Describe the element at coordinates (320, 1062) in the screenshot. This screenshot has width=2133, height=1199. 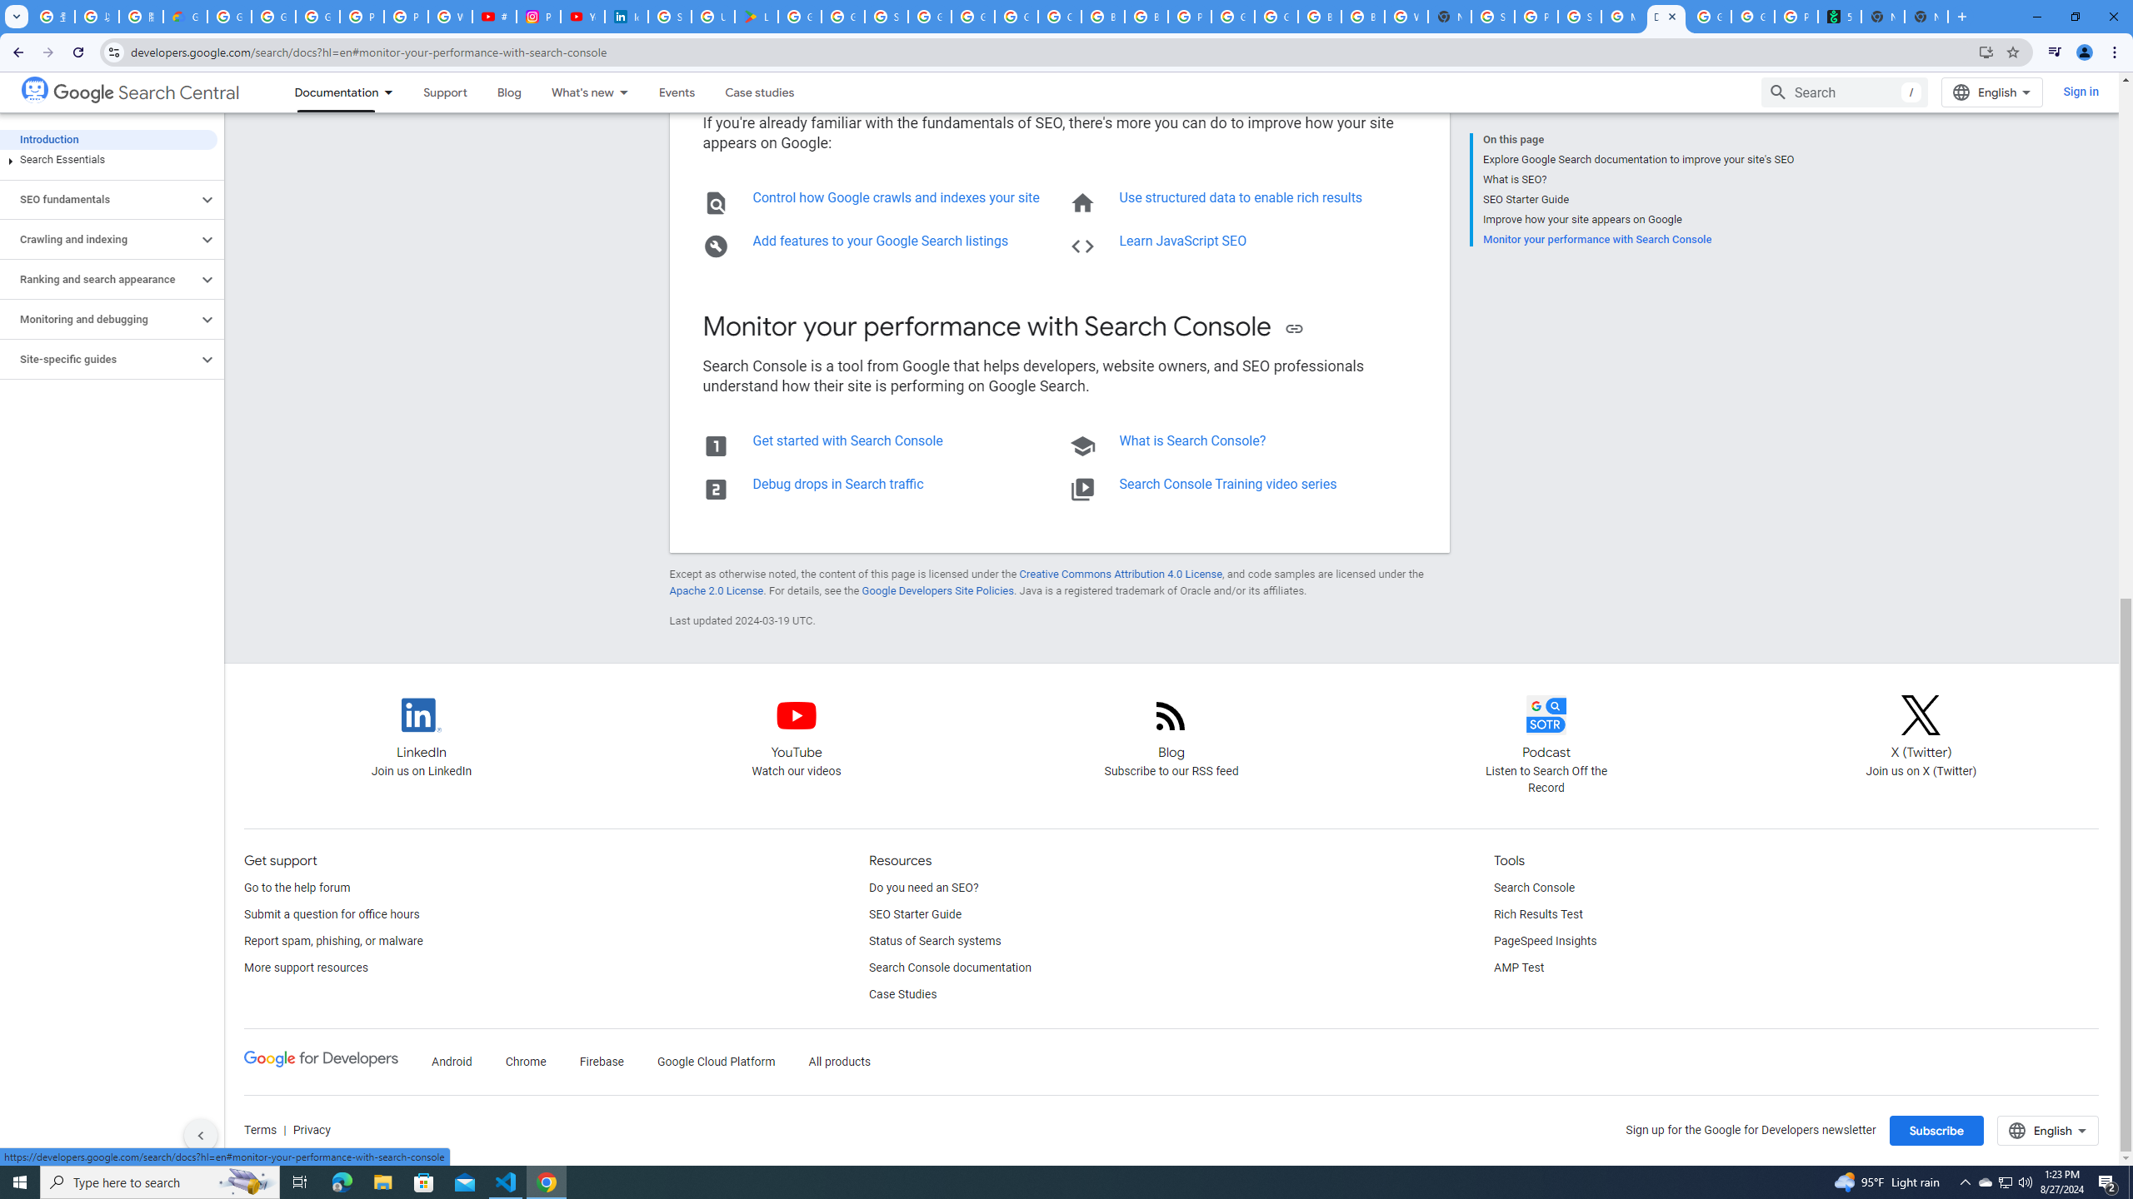
I see `'Google Developers'` at that location.